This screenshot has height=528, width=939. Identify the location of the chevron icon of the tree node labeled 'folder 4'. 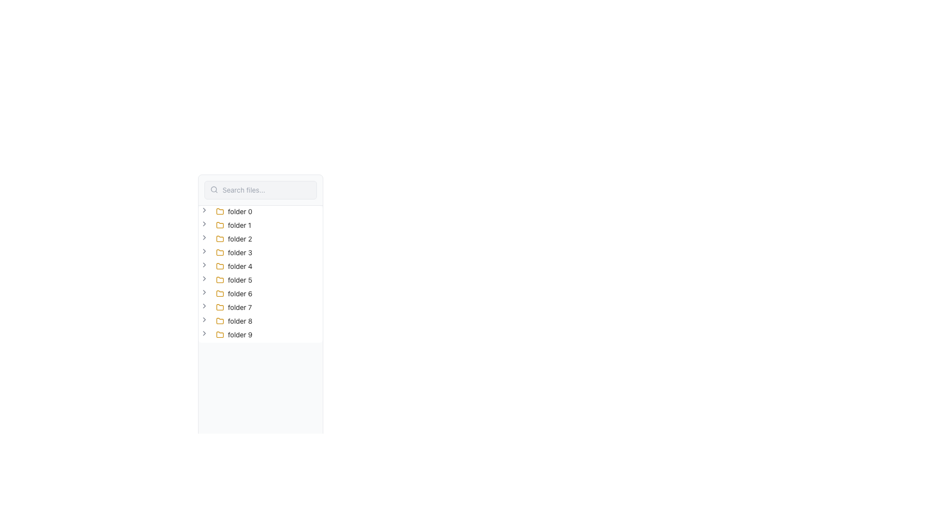
(227, 266).